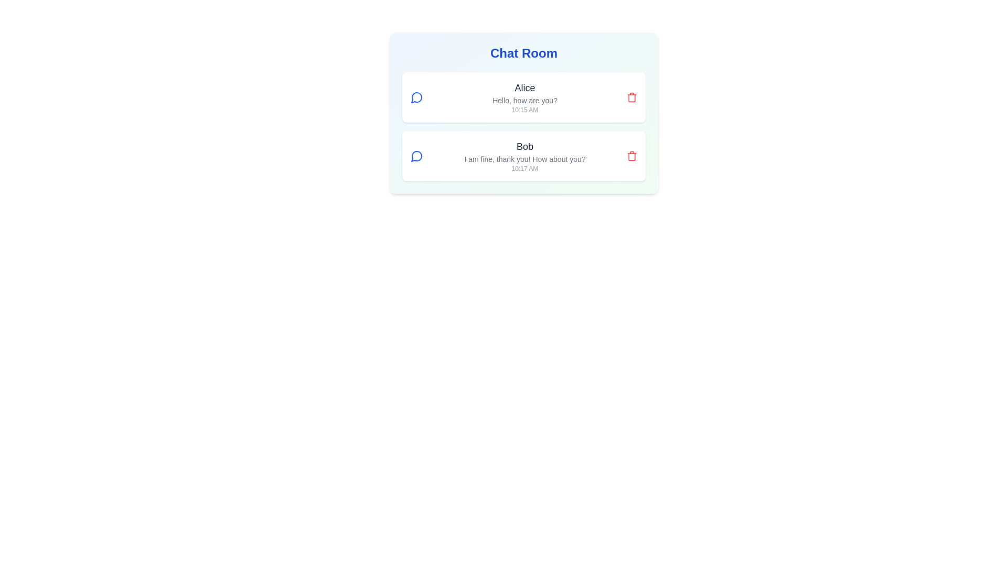  I want to click on delete button for the message authored by Bob, so click(631, 156).